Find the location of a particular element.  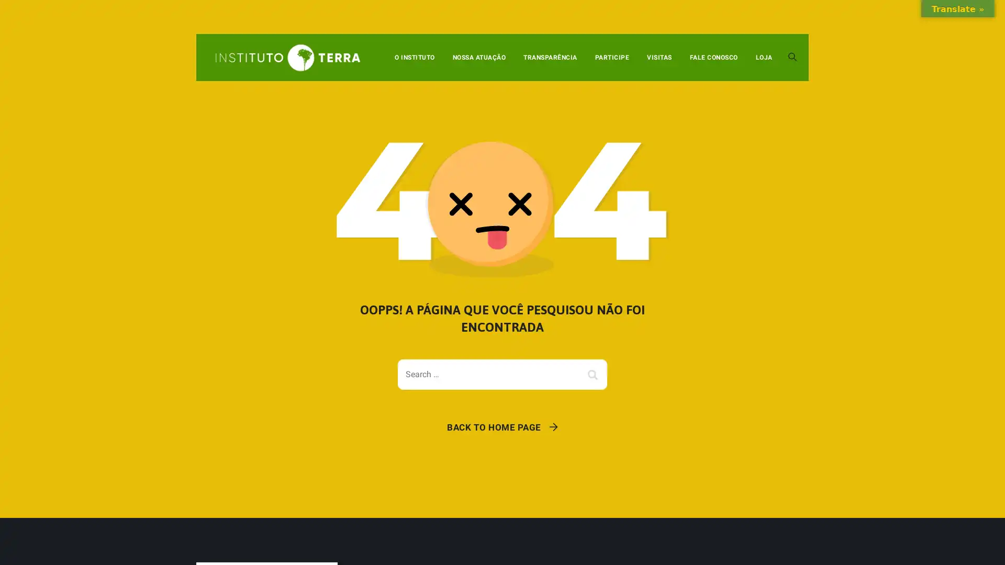

Configuracoes de cookies is located at coordinates (916, 546).